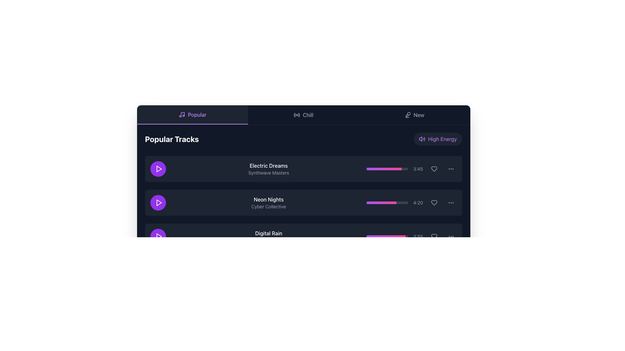 The image size is (625, 351). I want to click on the button that accesses or views new content, located at the rightmost position in a group of three buttons, so click(414, 115).